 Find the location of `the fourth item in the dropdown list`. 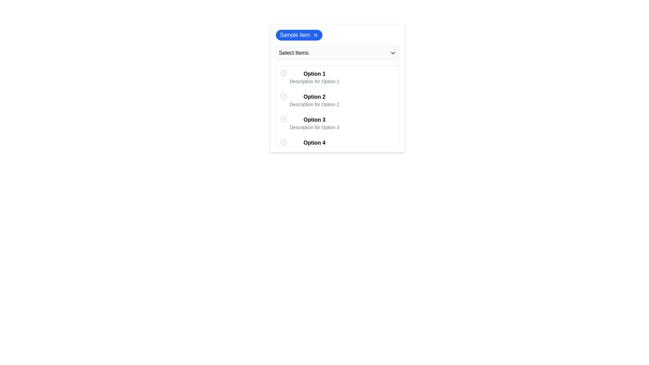

the fourth item in the dropdown list is located at coordinates (337, 146).